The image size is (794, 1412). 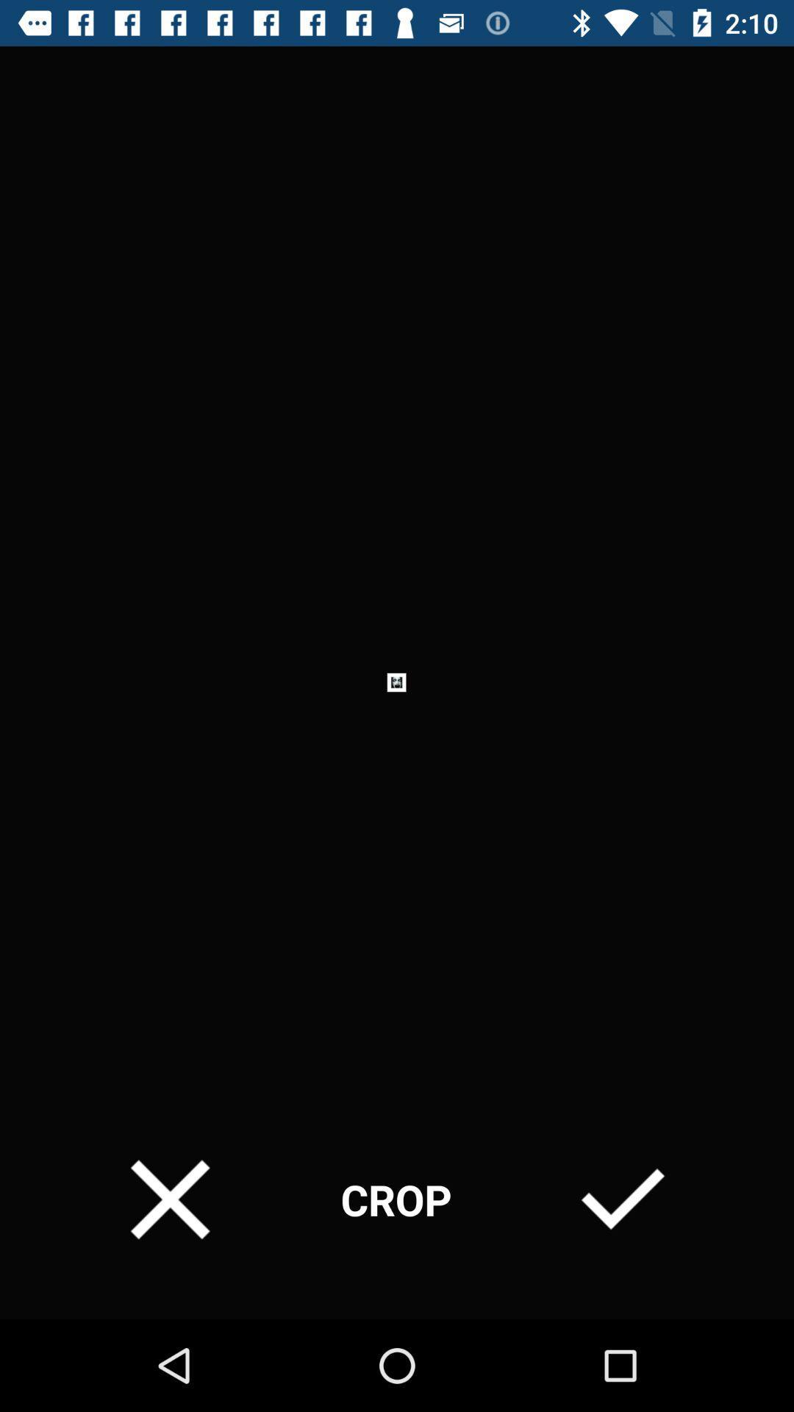 What do you see at coordinates (169, 1199) in the screenshot?
I see `the item to the left of the crop item` at bounding box center [169, 1199].